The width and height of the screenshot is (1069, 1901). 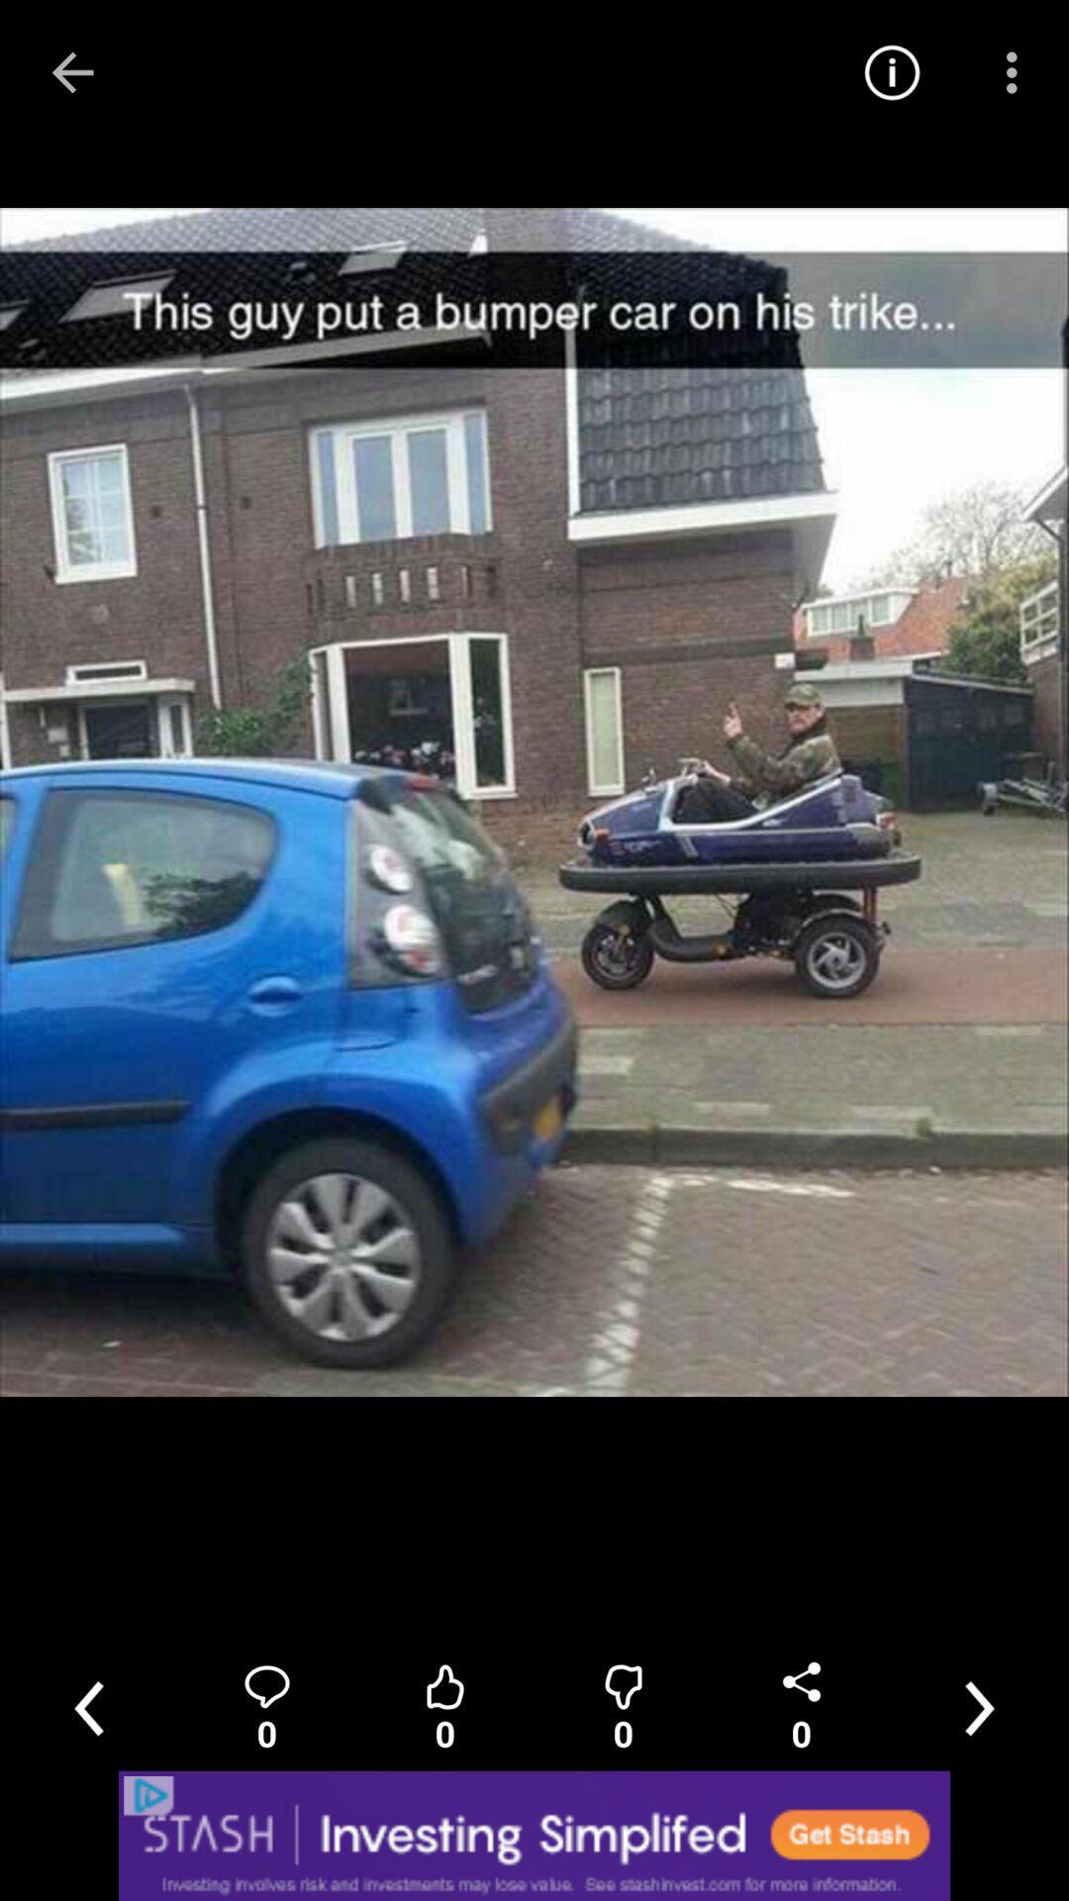 I want to click on the arrow_backward icon, so click(x=87, y=1707).